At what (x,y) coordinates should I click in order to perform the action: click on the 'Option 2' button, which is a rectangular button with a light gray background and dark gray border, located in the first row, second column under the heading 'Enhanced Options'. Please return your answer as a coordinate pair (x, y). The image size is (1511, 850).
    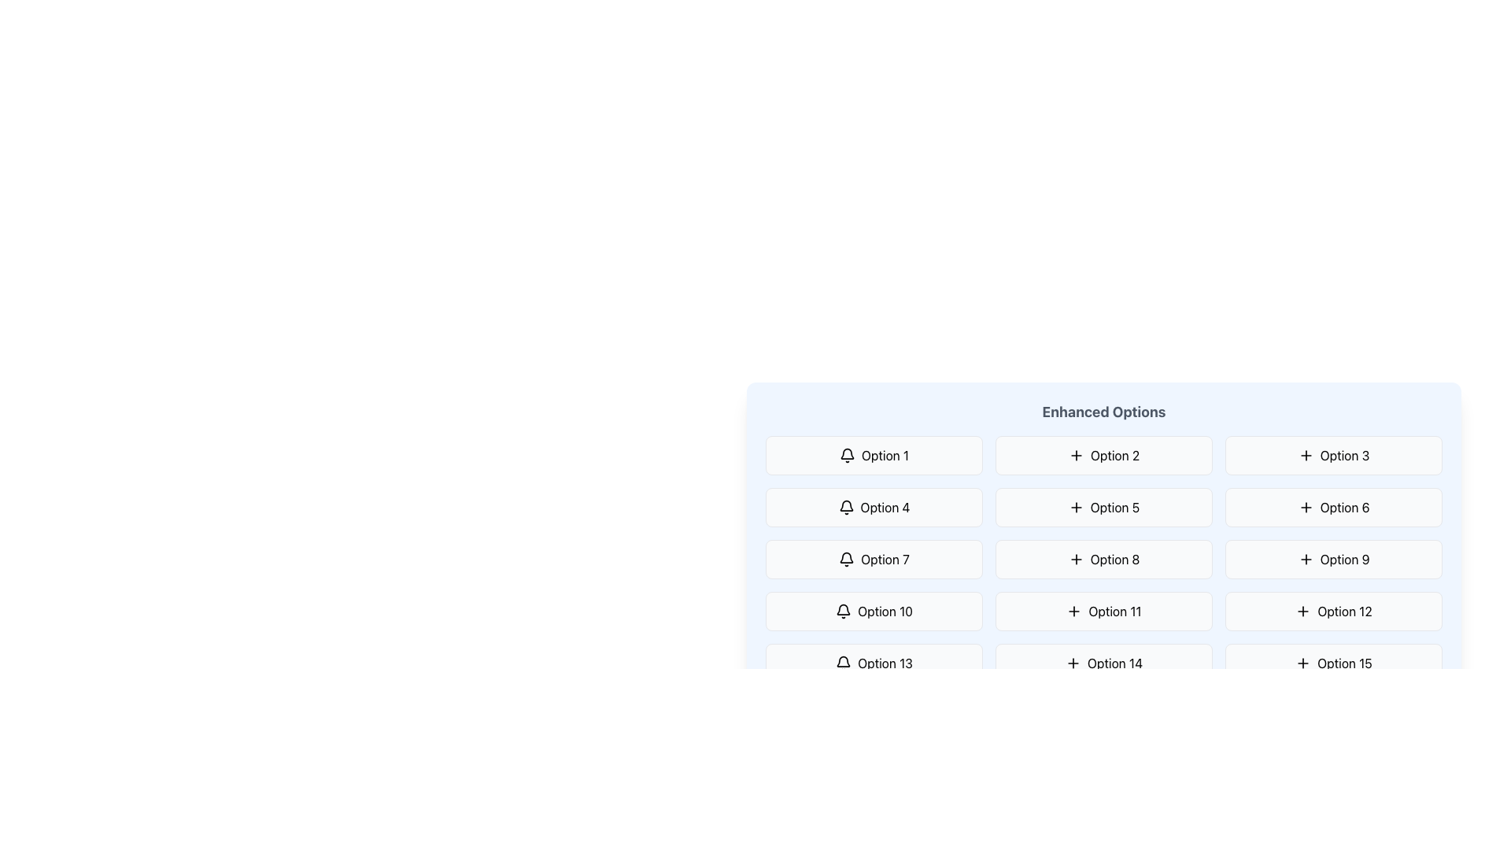
    Looking at the image, I should click on (1103, 455).